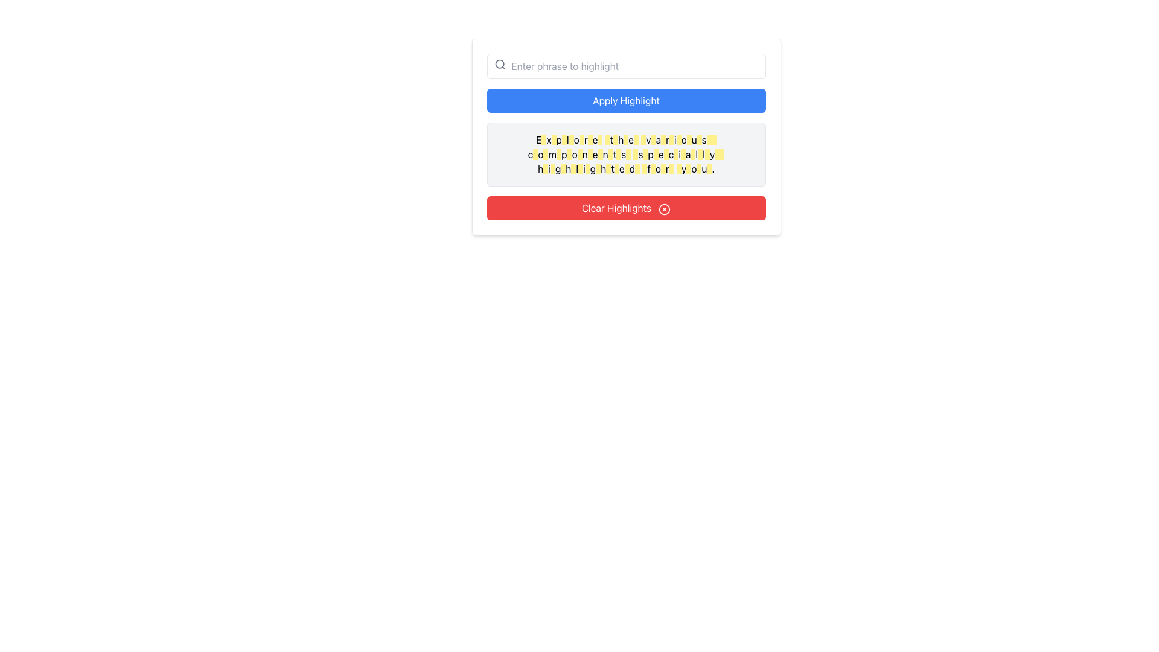  What do you see at coordinates (655, 153) in the screenshot?
I see `the 13th emphasized word or character span in the second line of the 'Explore the various components specially highlighted for you' paragraph to draw attention` at bounding box center [655, 153].